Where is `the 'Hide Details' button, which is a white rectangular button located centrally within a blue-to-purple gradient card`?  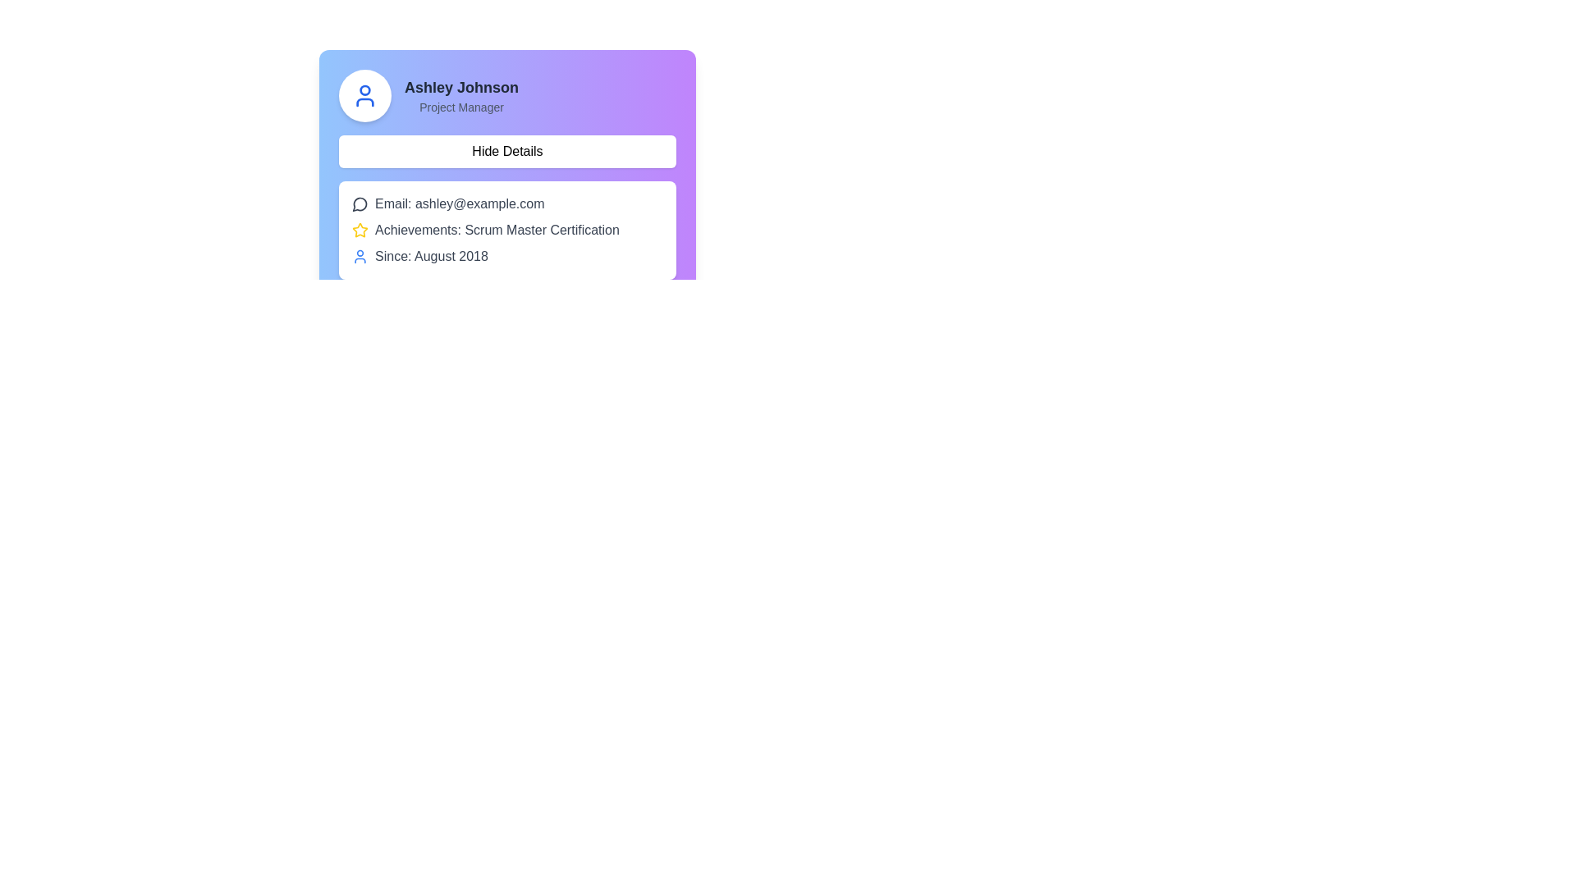 the 'Hide Details' button, which is a white rectangular button located centrally within a blue-to-purple gradient card is located at coordinates (506, 155).